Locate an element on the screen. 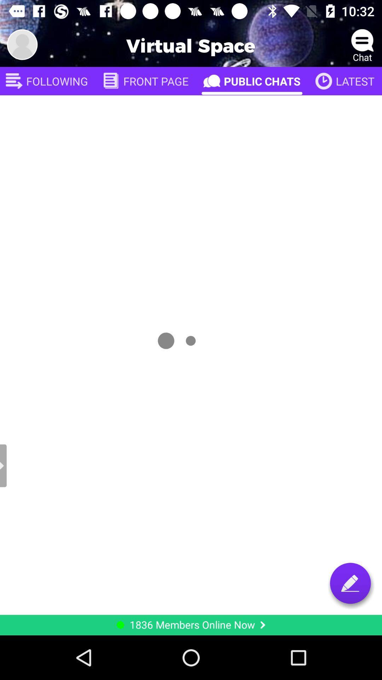 This screenshot has height=680, width=382. view profile is located at coordinates (22, 44).